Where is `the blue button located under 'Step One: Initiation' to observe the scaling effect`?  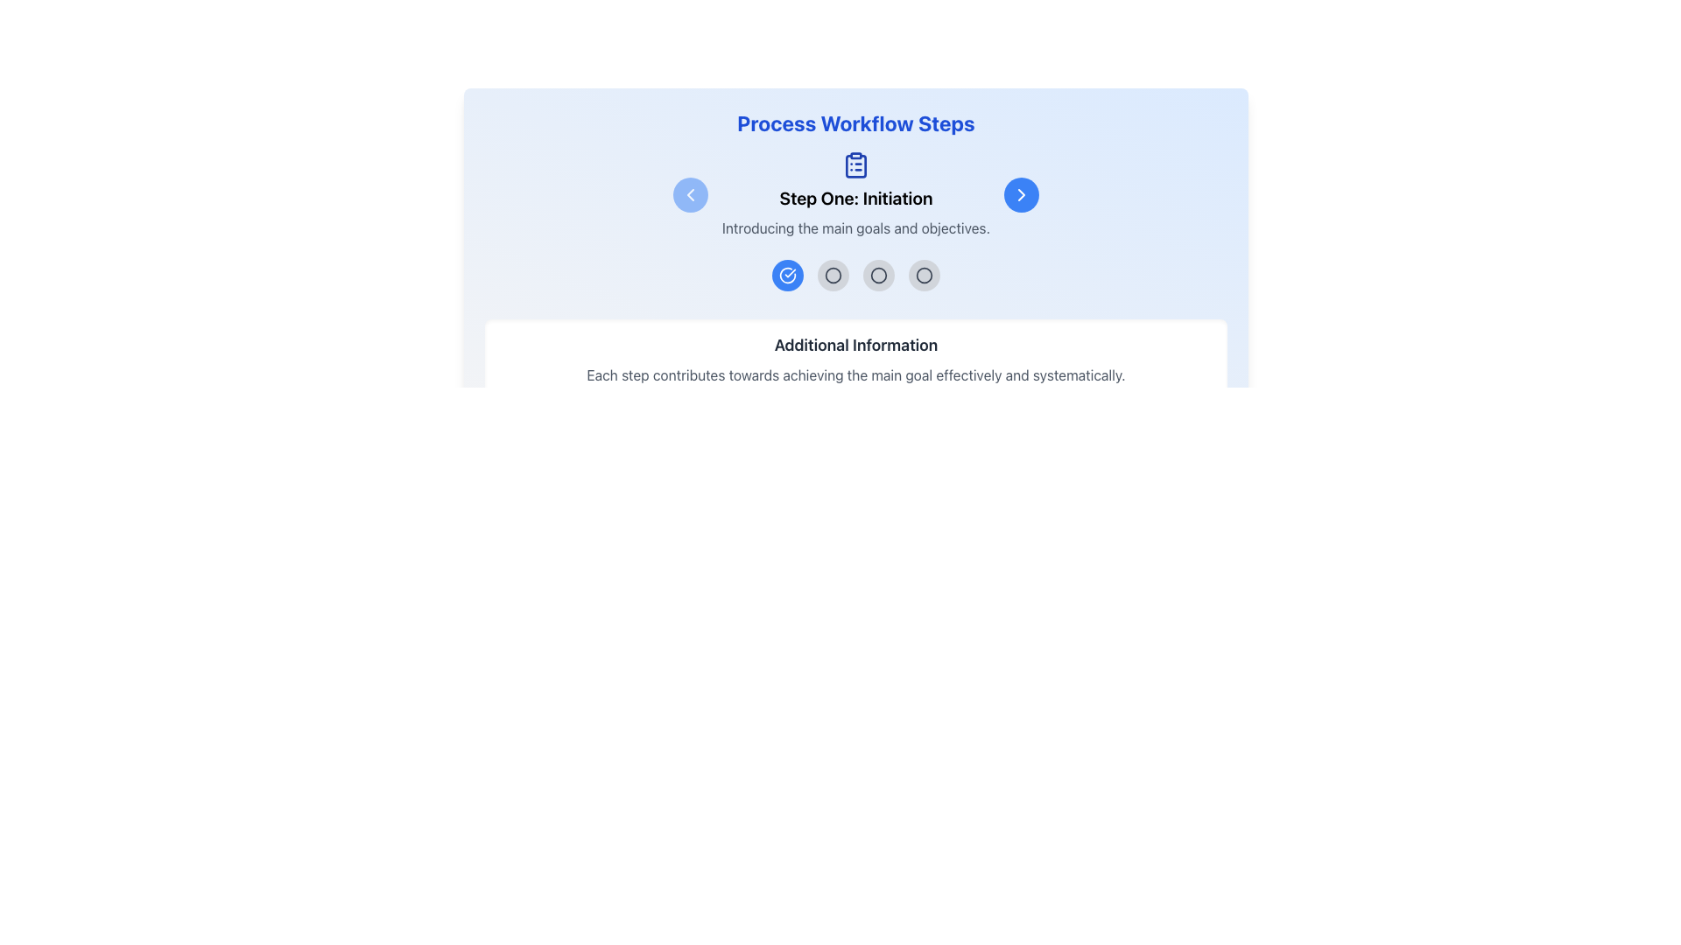
the blue button located under 'Step One: Initiation' to observe the scaling effect is located at coordinates (787, 276).